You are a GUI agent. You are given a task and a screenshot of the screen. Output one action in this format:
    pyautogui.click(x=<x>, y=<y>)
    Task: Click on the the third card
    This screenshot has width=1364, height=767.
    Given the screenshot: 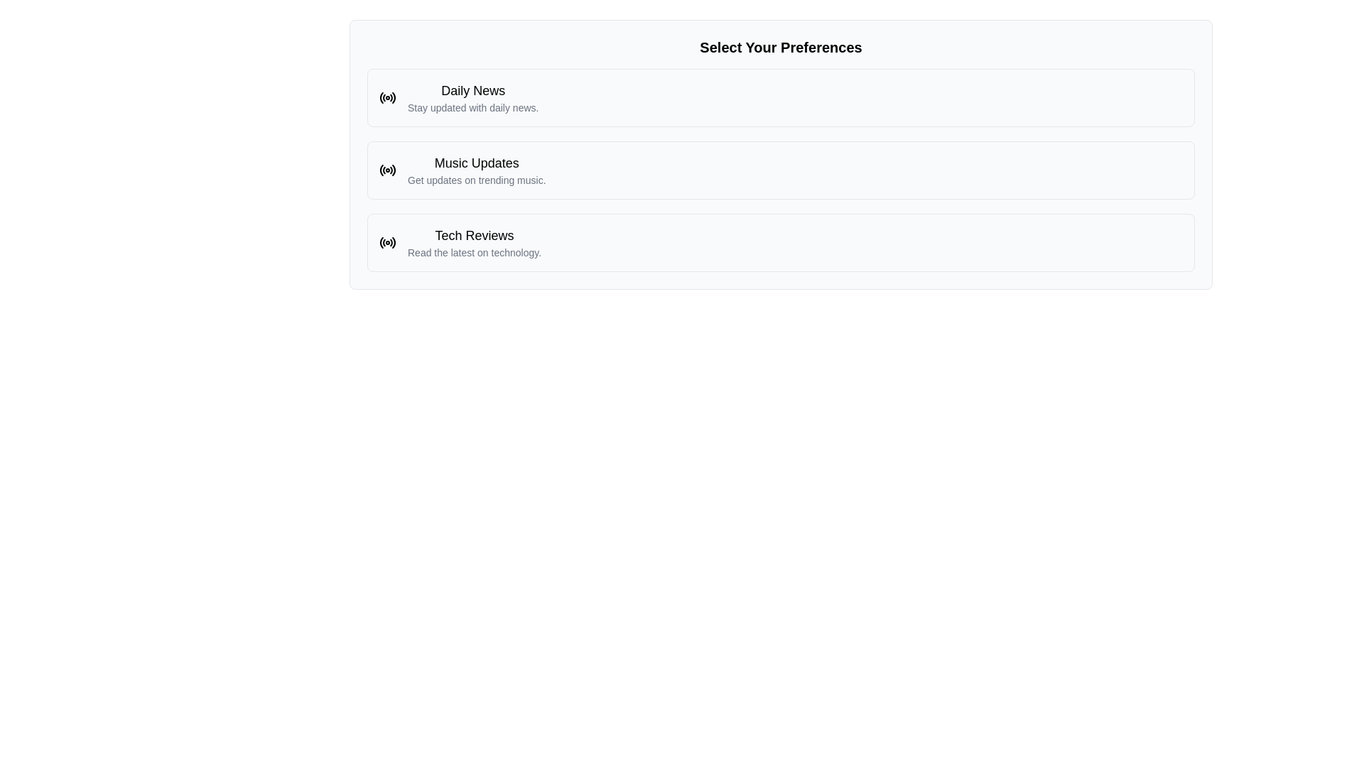 What is the action you would take?
    pyautogui.click(x=780, y=242)
    